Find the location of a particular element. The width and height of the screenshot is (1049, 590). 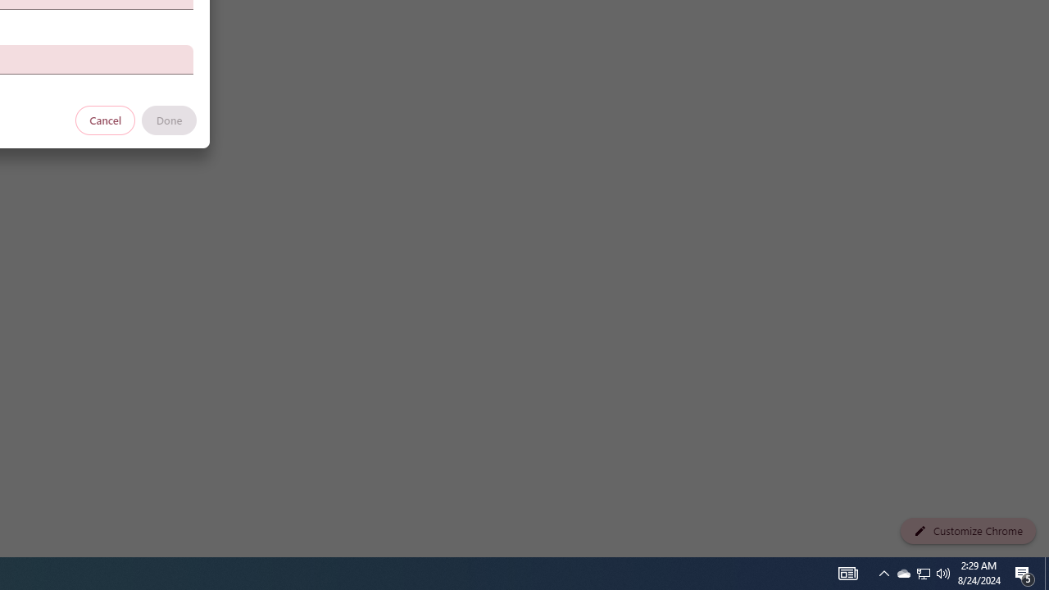

'Cancel' is located at coordinates (105, 119).